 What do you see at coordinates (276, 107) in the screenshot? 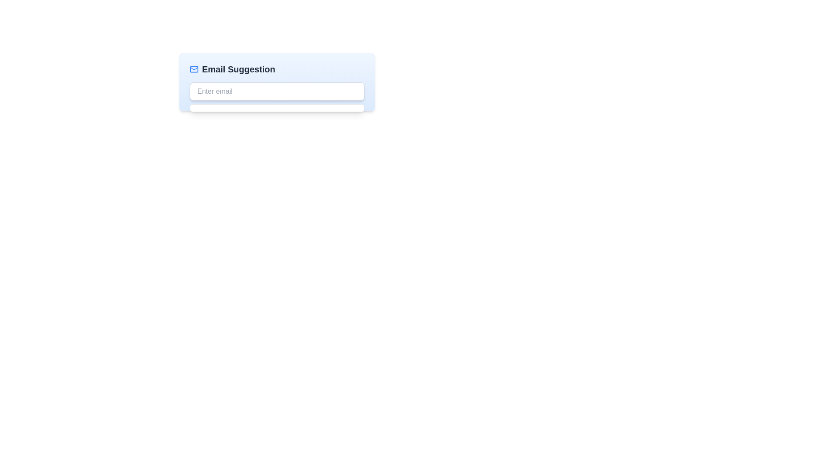
I see `the horizontal bar located directly underneath the 'Enter email' input field` at bounding box center [276, 107].